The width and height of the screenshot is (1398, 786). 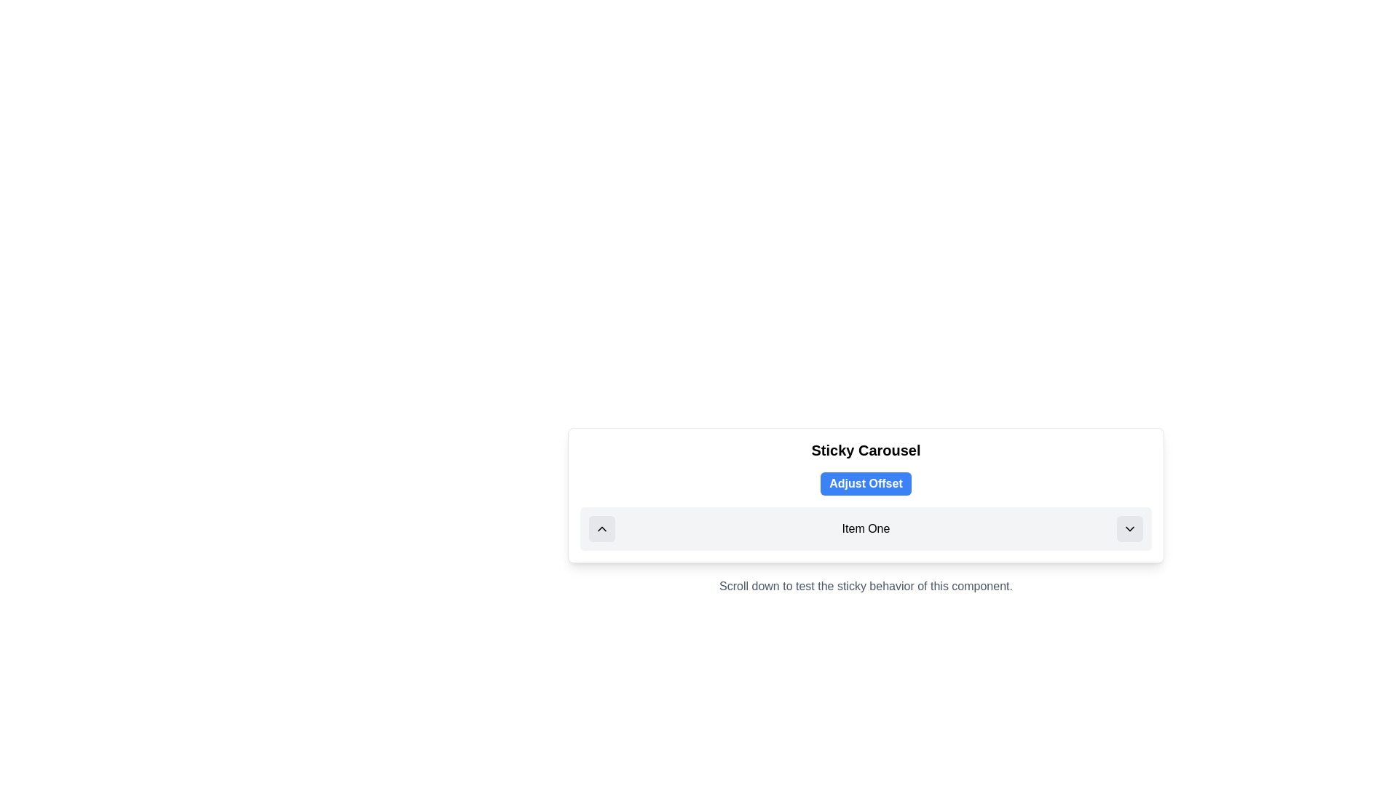 What do you see at coordinates (601, 528) in the screenshot?
I see `the button that features an upward-facing chevron icon, located on the left side of the row displaying 'Item One'` at bounding box center [601, 528].